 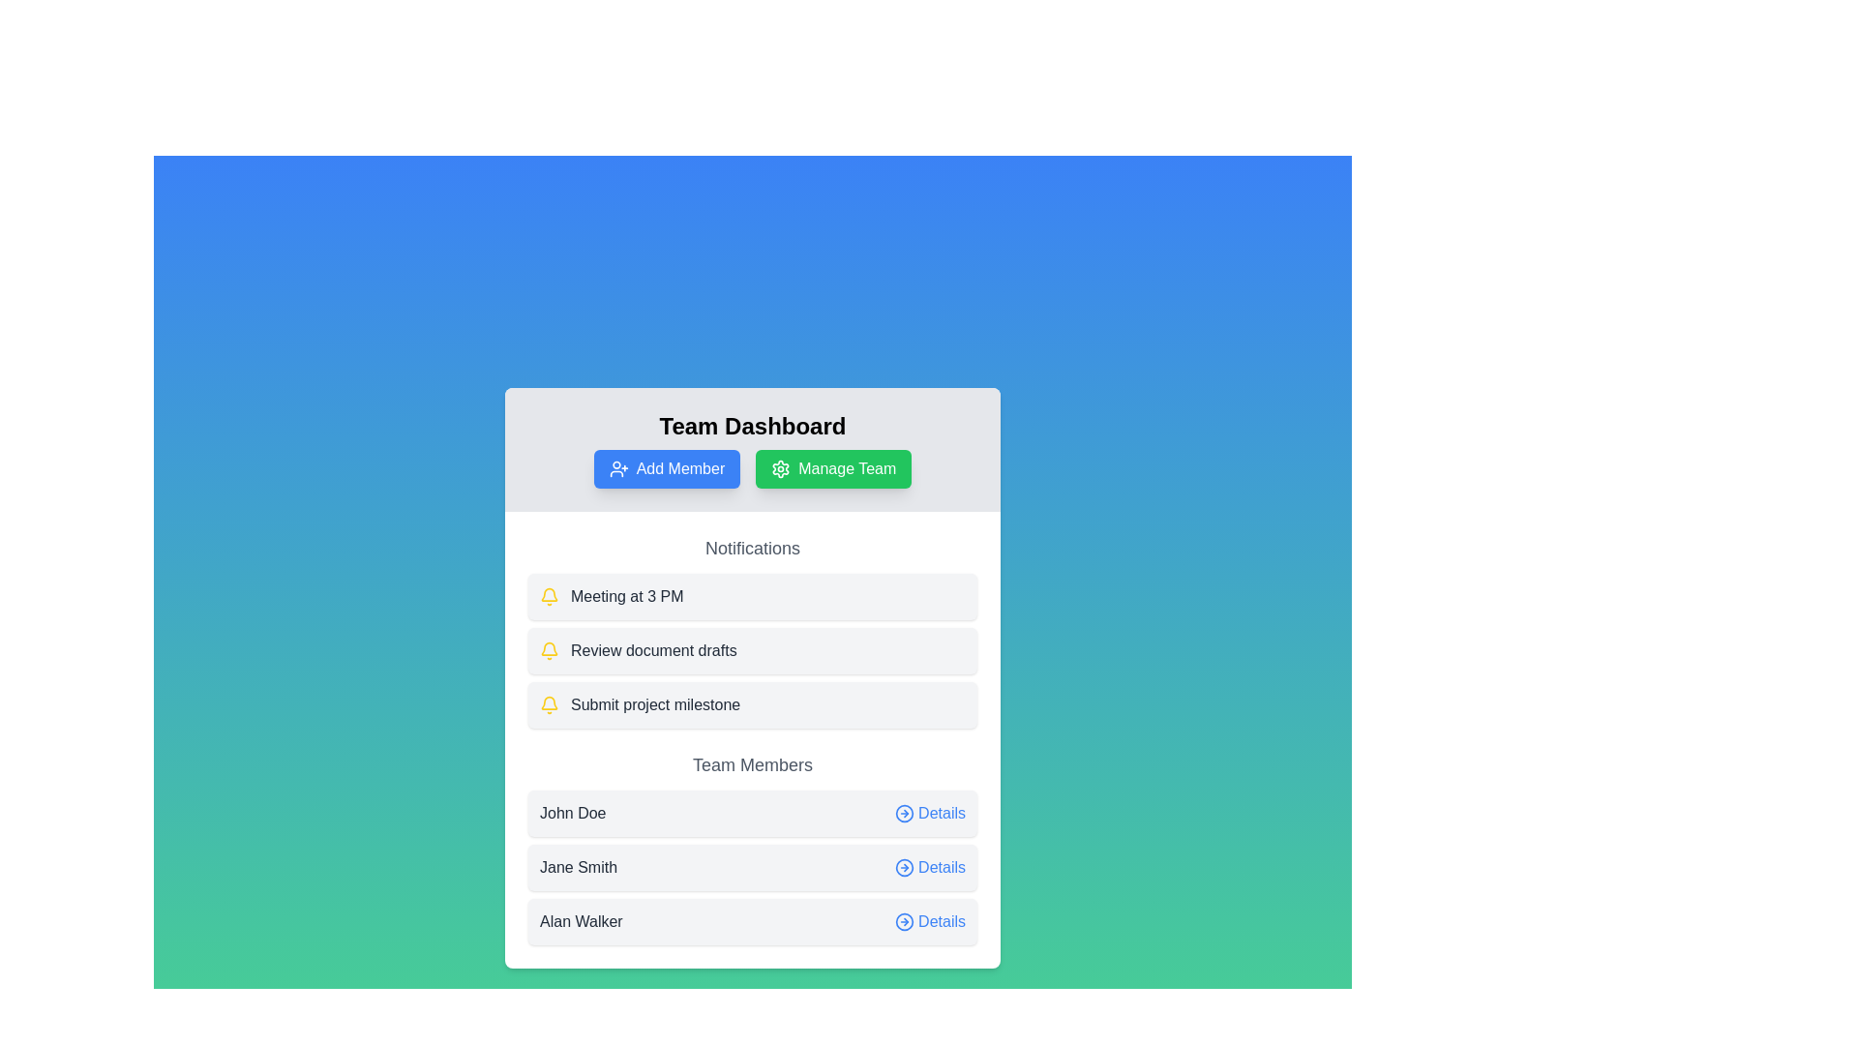 What do you see at coordinates (904, 867) in the screenshot?
I see `the right-pointing arrow icon enclosed within a circle, which is part of the 'Details' button associated with 'Jane Smith' in the 'Team Members' section` at bounding box center [904, 867].